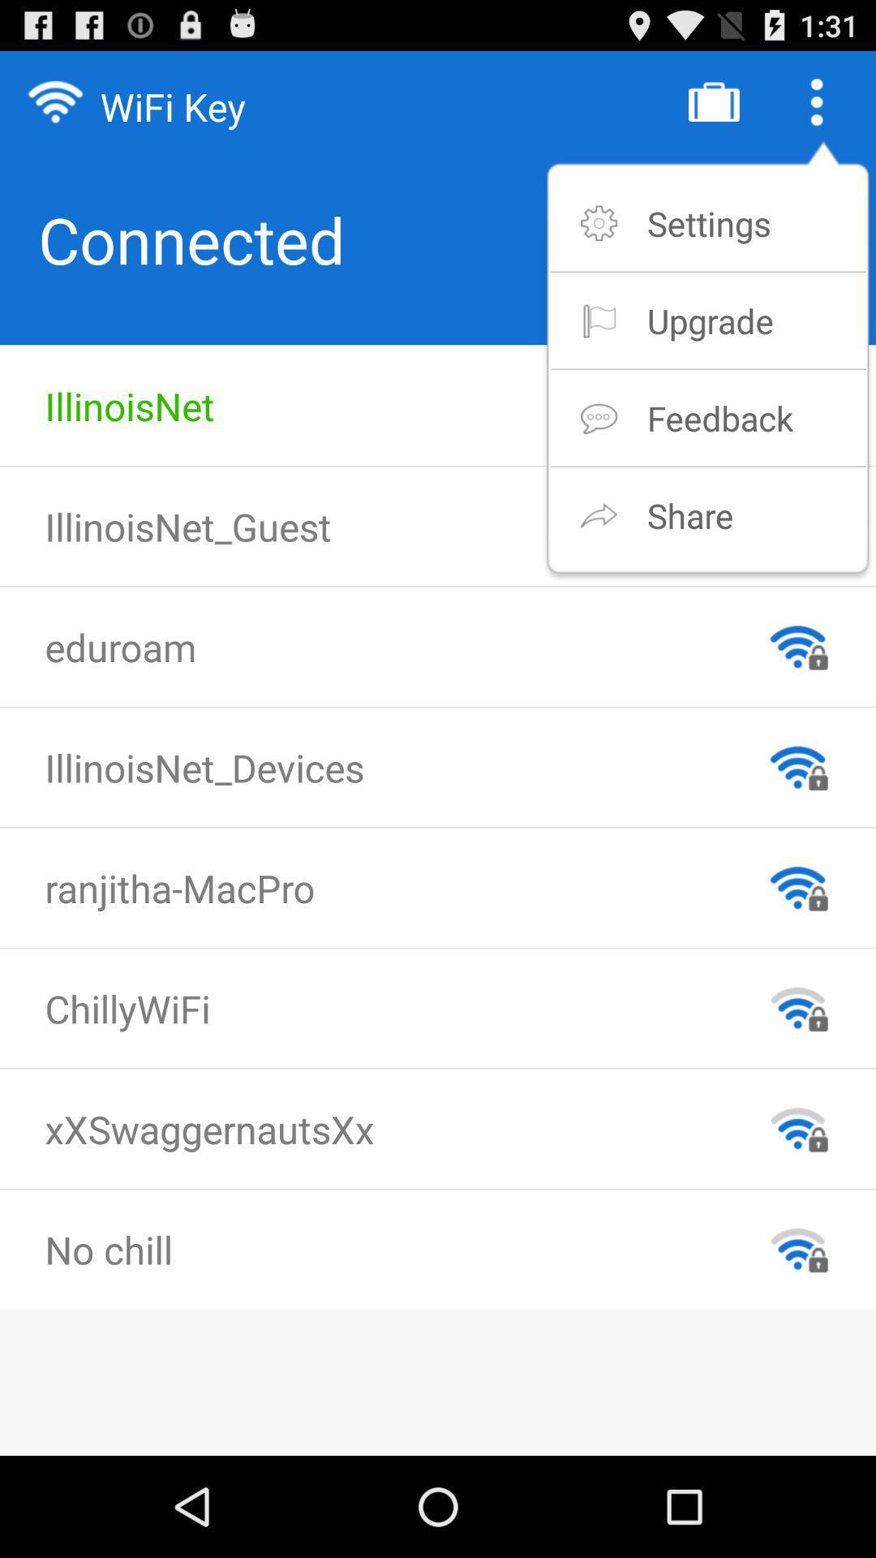  What do you see at coordinates (709, 321) in the screenshot?
I see `the upgrade item` at bounding box center [709, 321].